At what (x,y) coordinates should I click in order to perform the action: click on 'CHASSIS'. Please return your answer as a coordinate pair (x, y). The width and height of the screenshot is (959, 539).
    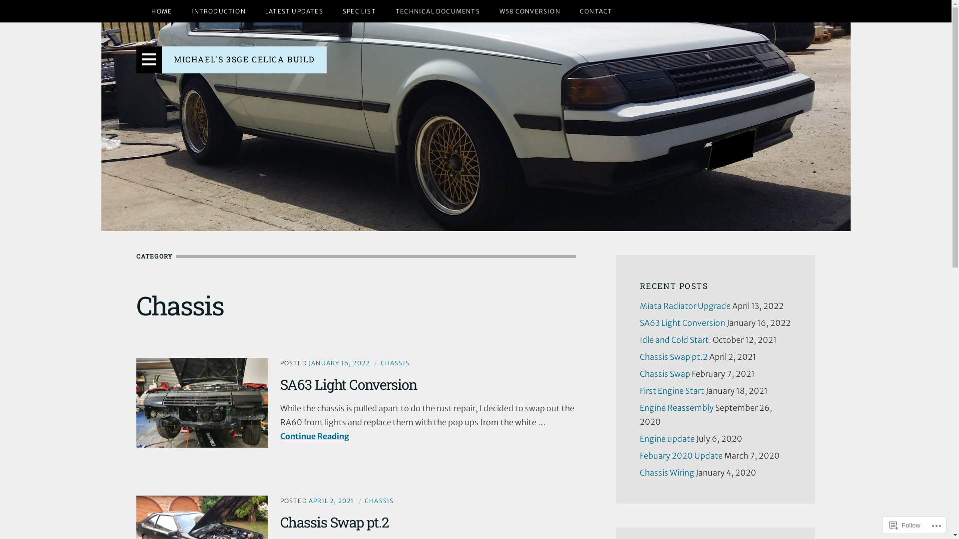
    Looking at the image, I should click on (380, 363).